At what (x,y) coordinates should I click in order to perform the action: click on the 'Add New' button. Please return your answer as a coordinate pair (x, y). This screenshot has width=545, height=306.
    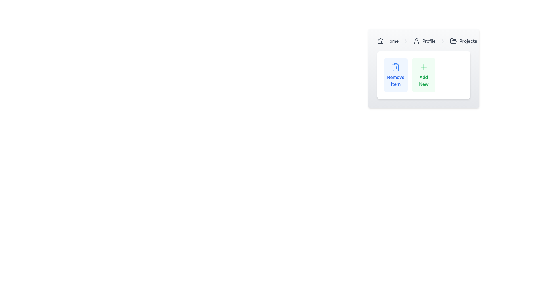
    Looking at the image, I should click on (424, 75).